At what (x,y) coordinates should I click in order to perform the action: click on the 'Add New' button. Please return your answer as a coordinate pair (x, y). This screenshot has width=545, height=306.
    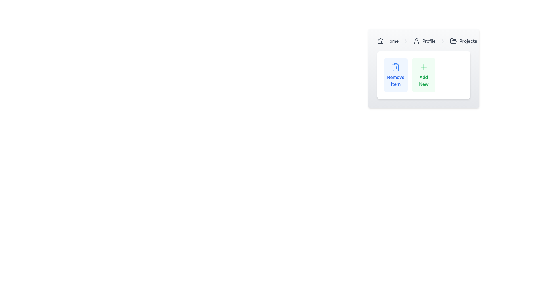
    Looking at the image, I should click on (424, 75).